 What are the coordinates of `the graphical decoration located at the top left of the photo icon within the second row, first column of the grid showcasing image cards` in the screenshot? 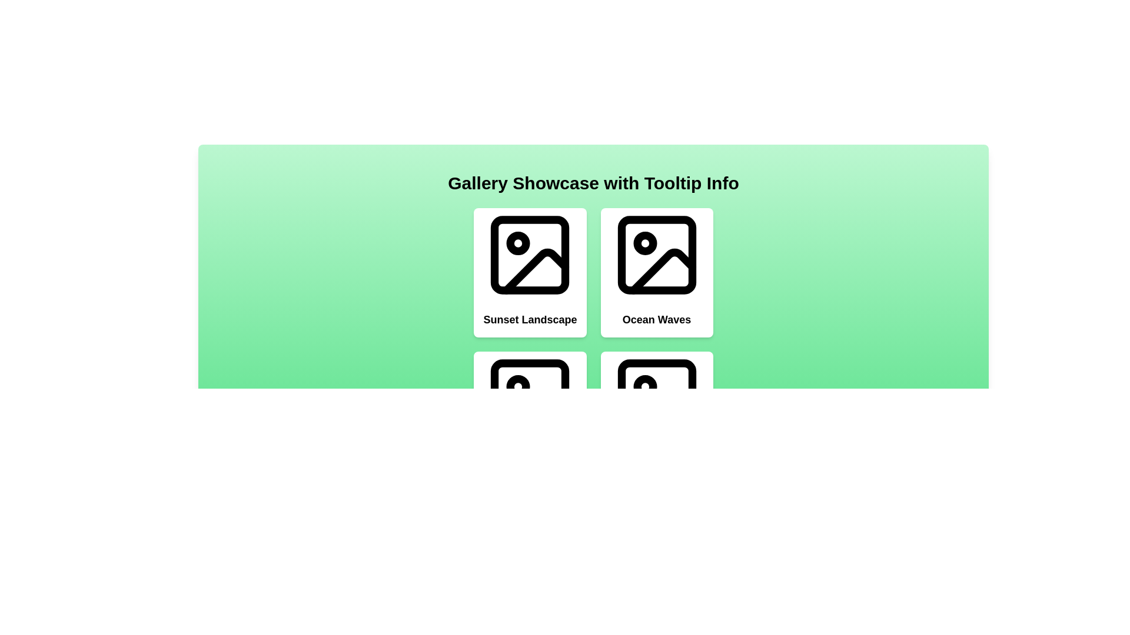 It's located at (518, 387).